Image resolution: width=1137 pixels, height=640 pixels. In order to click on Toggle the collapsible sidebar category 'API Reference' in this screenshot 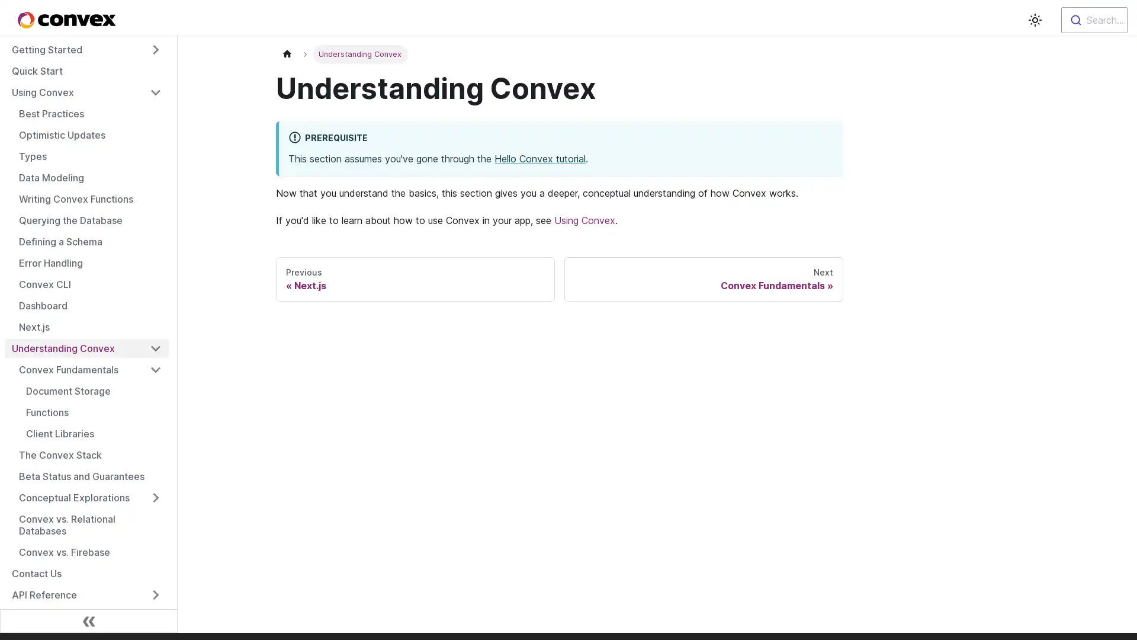, I will do `click(155, 594)`.